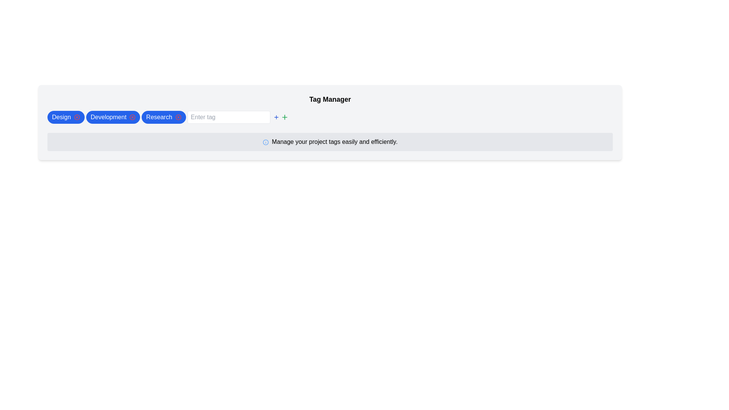  Describe the element at coordinates (276, 117) in the screenshot. I see `the button that triggers an action to add a new tag, located to the right of the 'Enter tag' input field` at that location.